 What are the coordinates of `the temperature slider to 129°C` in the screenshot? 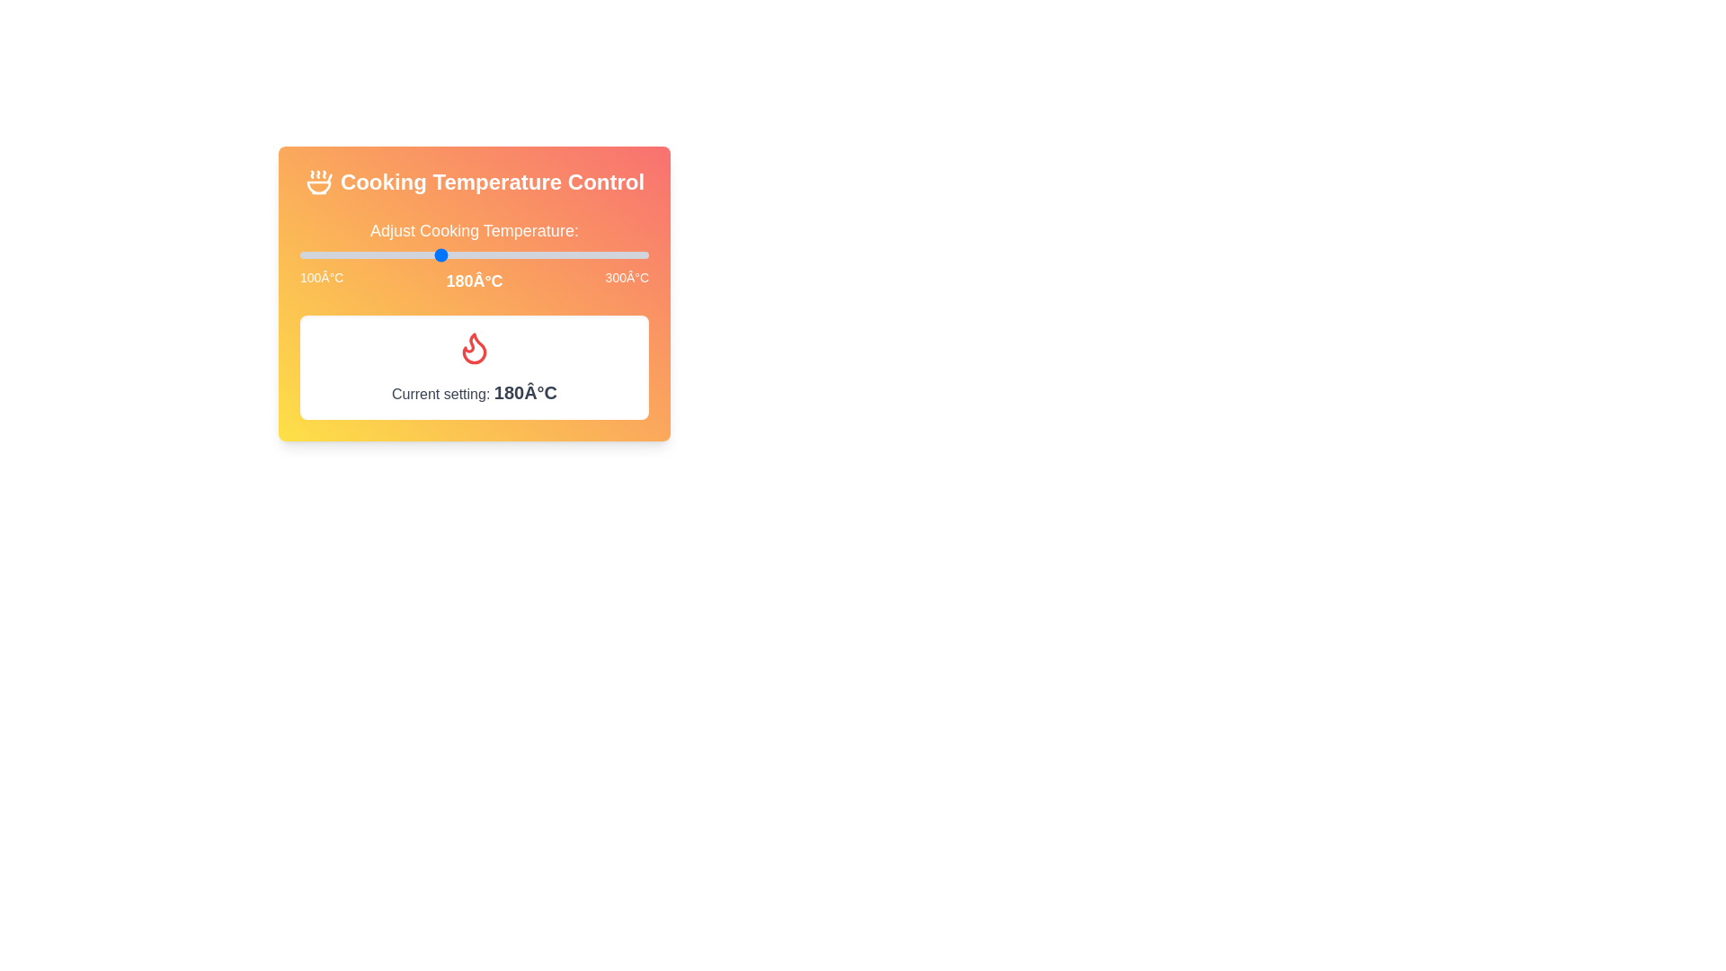 It's located at (351, 255).